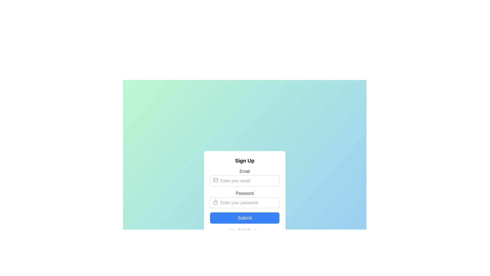 This screenshot has height=276, width=490. What do you see at coordinates (244, 199) in the screenshot?
I see `the 'Password' label to focus the associated input field directly below it` at bounding box center [244, 199].